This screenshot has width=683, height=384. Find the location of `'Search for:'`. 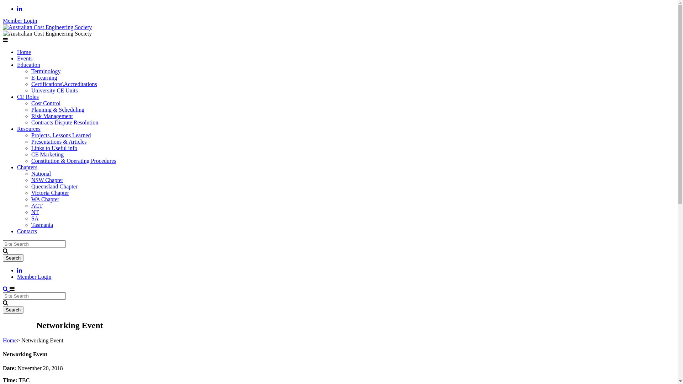

'Search for:' is located at coordinates (34, 296).